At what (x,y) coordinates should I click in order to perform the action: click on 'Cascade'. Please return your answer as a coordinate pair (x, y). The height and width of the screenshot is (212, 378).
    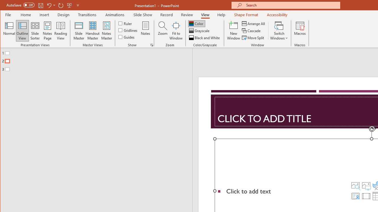
    Looking at the image, I should click on (252, 31).